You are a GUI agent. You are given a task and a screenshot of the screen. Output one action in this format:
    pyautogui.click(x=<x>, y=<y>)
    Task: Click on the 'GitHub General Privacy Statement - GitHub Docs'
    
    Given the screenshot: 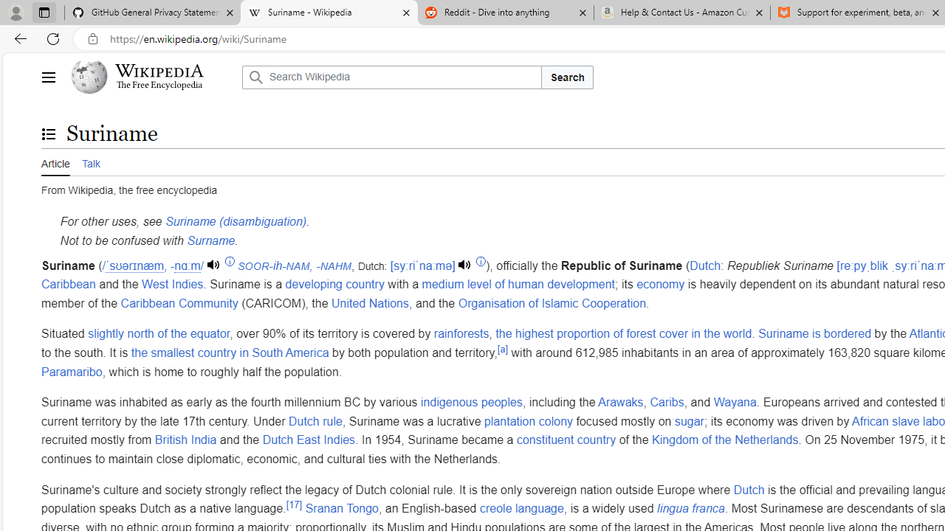 What is the action you would take?
    pyautogui.click(x=153, y=13)
    